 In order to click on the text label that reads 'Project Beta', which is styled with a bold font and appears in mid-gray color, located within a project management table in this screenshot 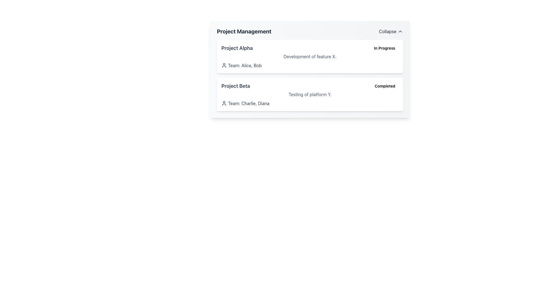, I will do `click(236, 86)`.